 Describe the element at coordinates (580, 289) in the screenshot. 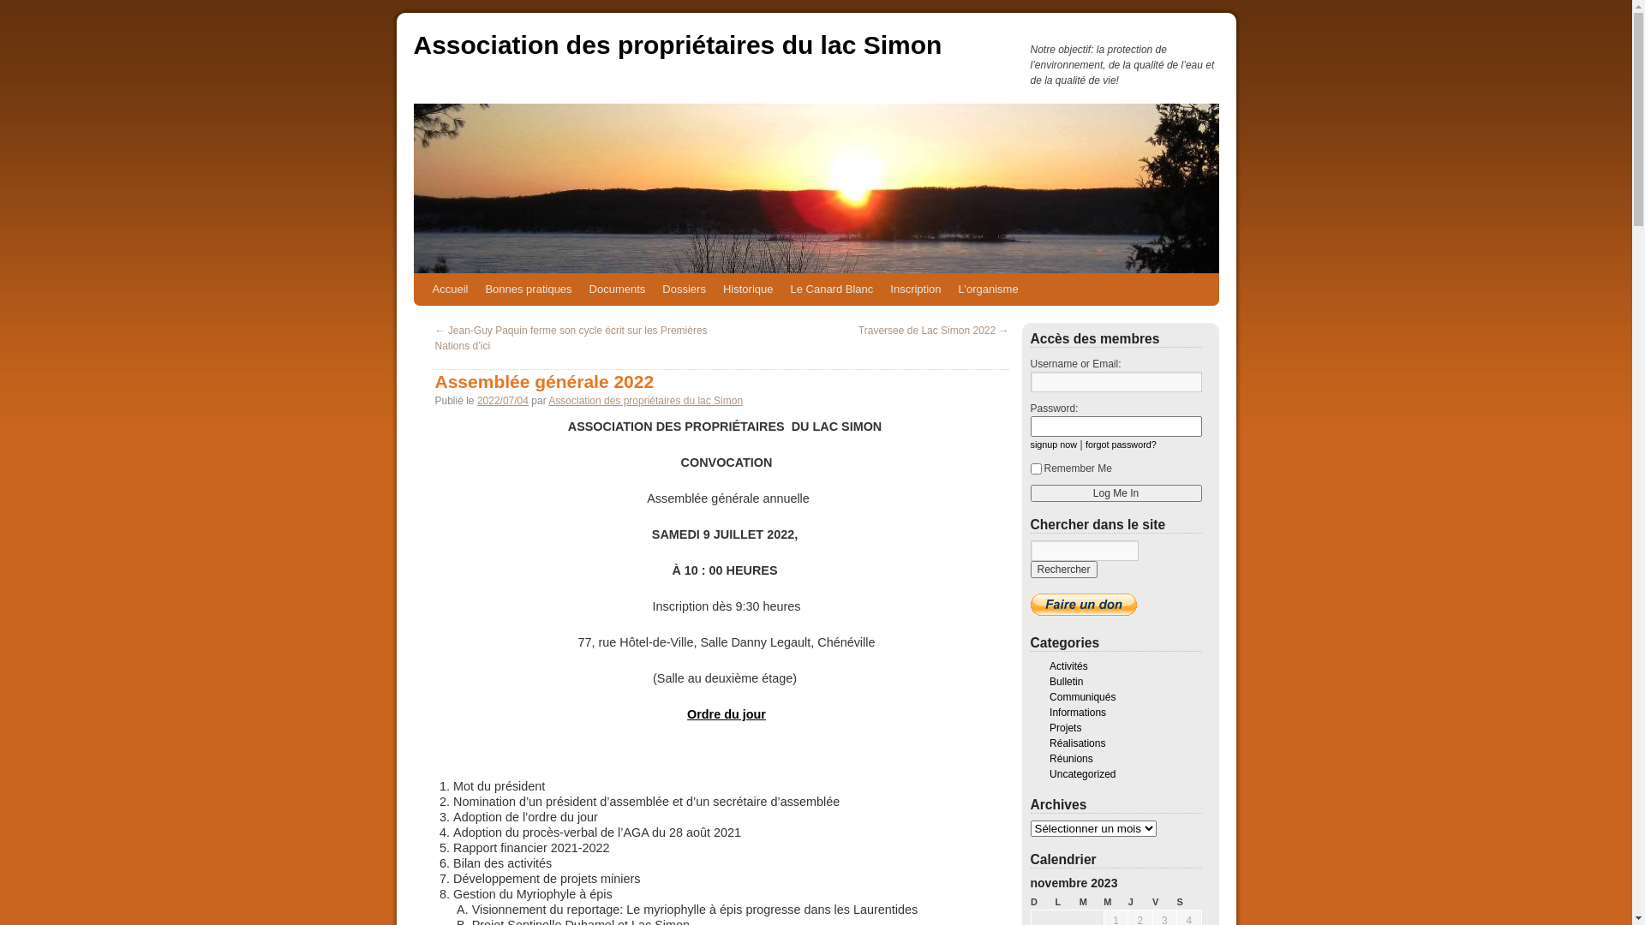

I see `'Documents'` at that location.